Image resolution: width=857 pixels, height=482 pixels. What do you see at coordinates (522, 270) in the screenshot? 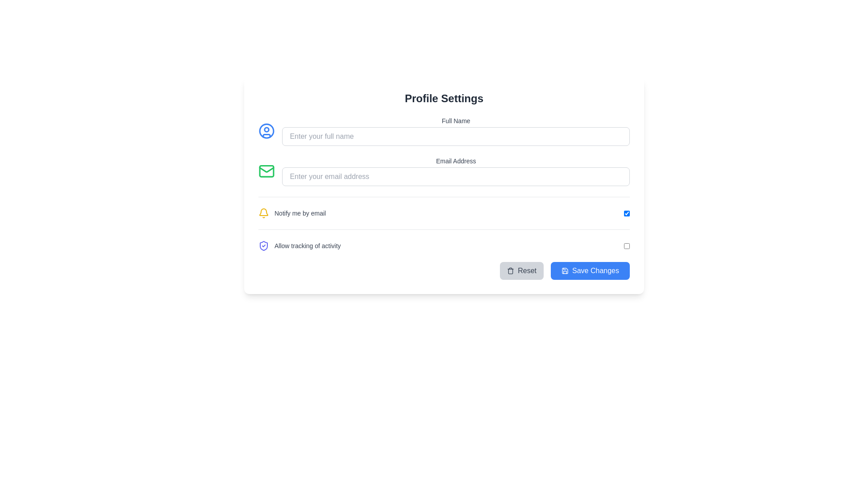
I see `the reset button located at the bottom-right corner of the form, which is the first button on the left in the group of buttons, to reset the form inputs to their default values` at bounding box center [522, 270].